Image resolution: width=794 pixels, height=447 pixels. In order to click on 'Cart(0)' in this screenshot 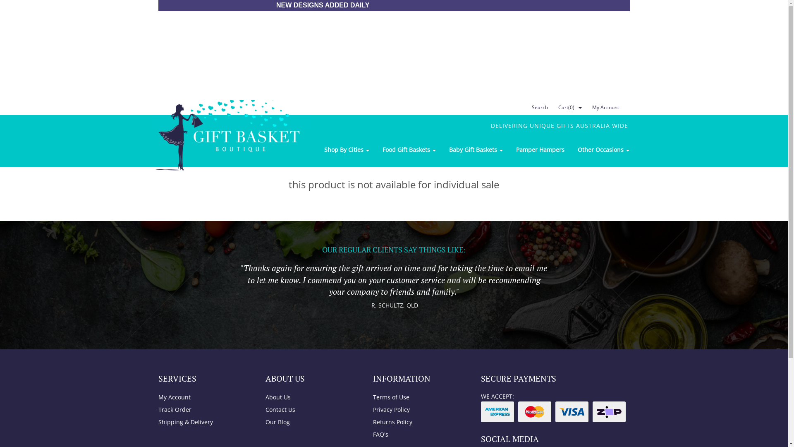, I will do `click(552, 107)`.